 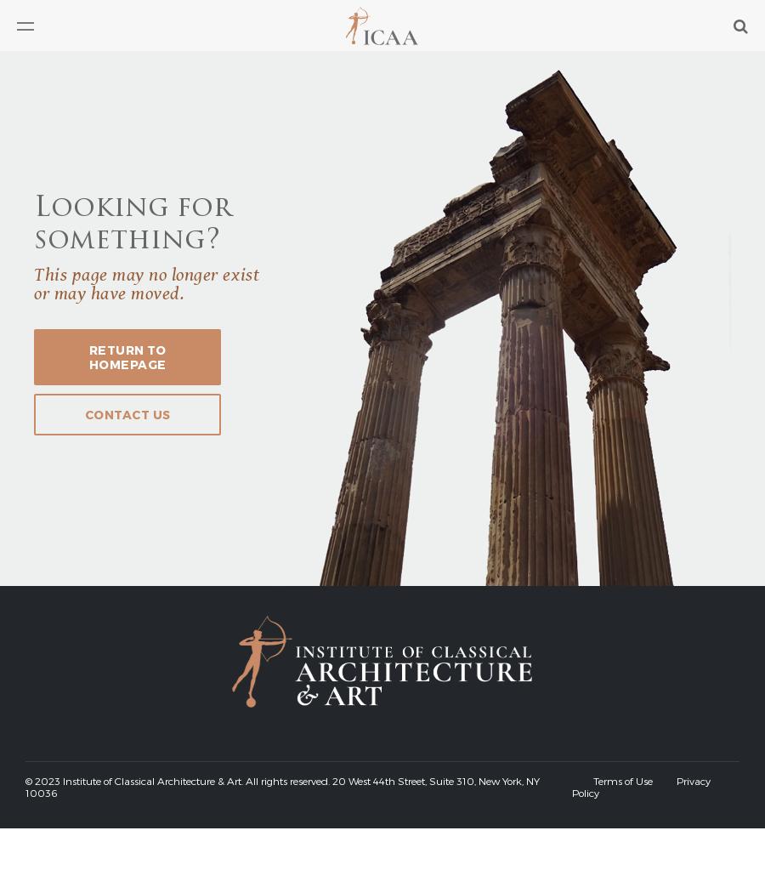 I want to click on 'Articles', so click(x=40, y=102).